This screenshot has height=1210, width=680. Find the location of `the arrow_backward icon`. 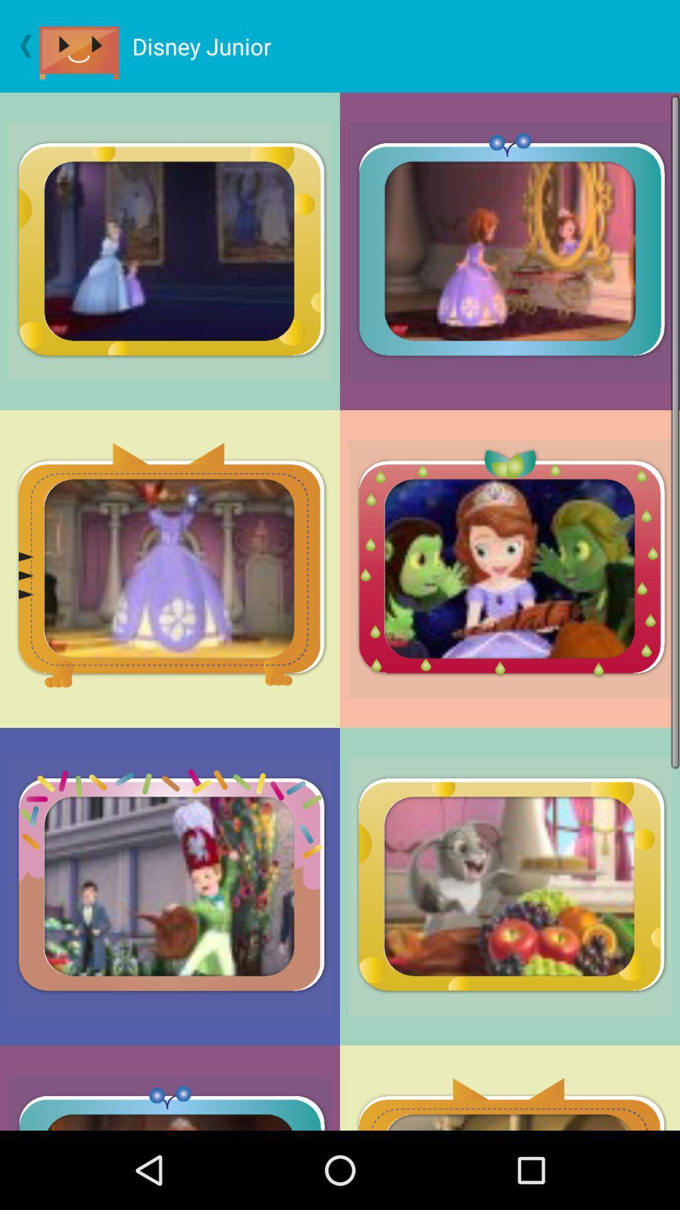

the arrow_backward icon is located at coordinates (20, 49).